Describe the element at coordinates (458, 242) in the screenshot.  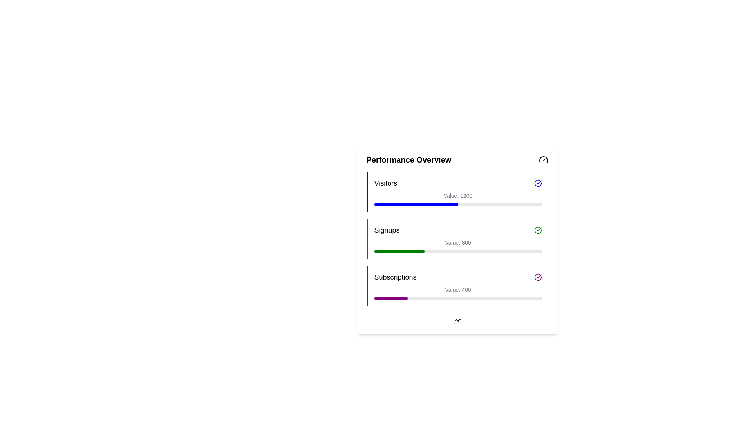
I see `the Text element displaying the numerical value (800) in the 'Signups' section` at that location.